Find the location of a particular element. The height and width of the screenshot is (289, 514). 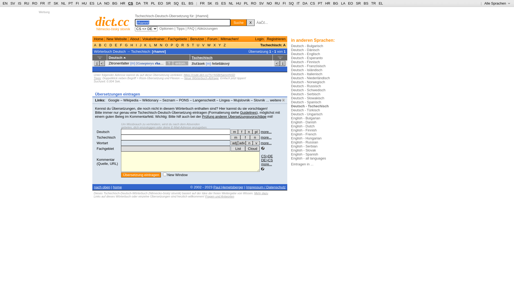

'T' is located at coordinates (193, 45).